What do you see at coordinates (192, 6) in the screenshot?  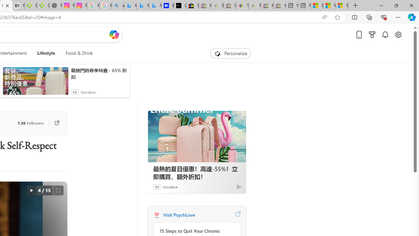 I see `'Selling on eBay | Electronics, Fashion, Home & Garden | eBay'` at bounding box center [192, 6].